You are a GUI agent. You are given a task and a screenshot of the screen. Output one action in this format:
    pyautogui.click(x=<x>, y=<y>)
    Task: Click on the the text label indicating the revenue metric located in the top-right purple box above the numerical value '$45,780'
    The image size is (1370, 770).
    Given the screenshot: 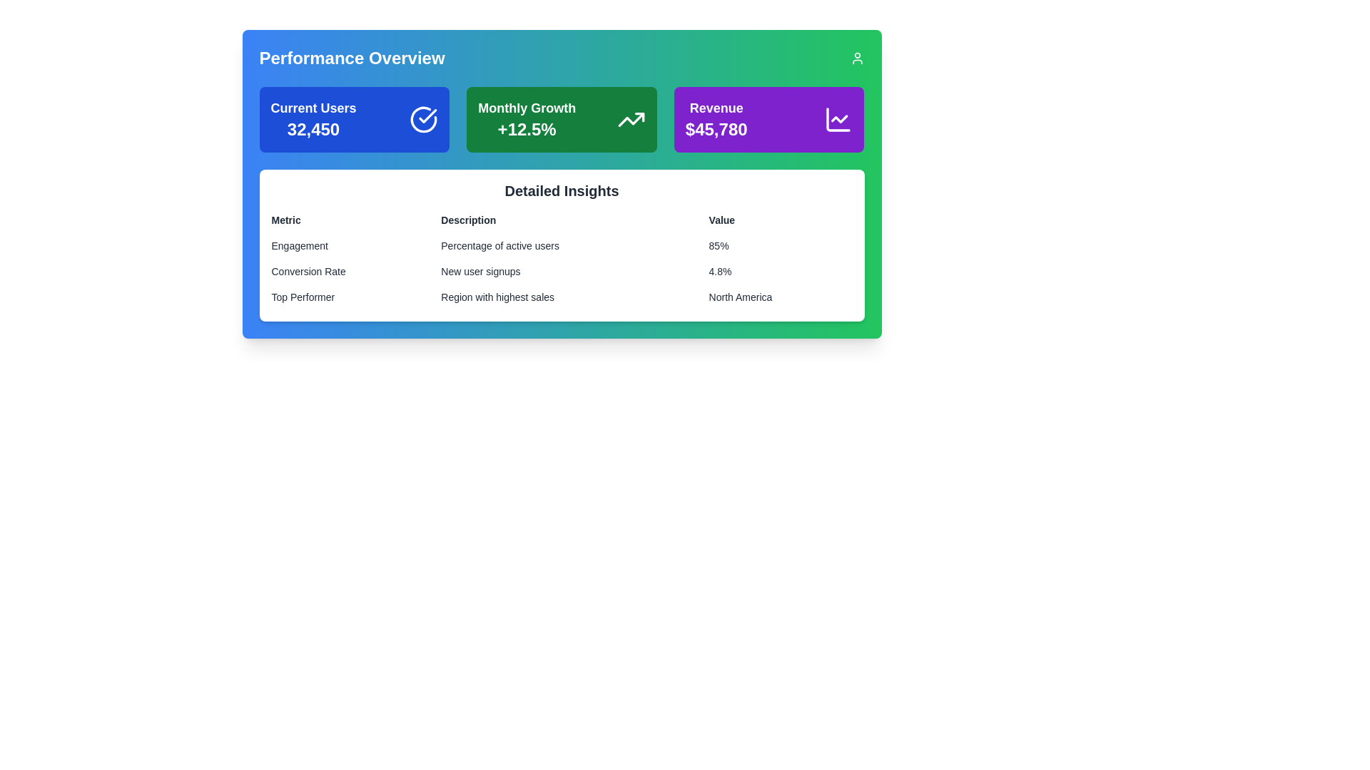 What is the action you would take?
    pyautogui.click(x=716, y=107)
    